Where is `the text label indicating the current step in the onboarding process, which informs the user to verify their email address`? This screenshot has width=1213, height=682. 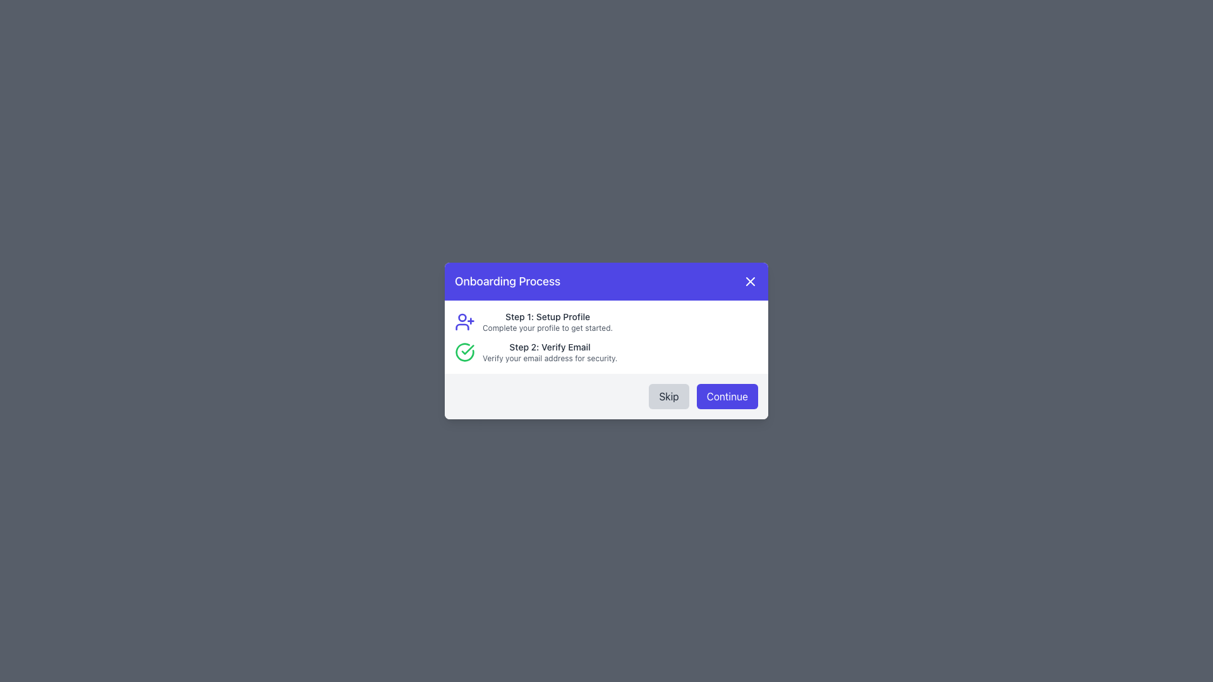 the text label indicating the current step in the onboarding process, which informs the user to verify their email address is located at coordinates (550, 347).